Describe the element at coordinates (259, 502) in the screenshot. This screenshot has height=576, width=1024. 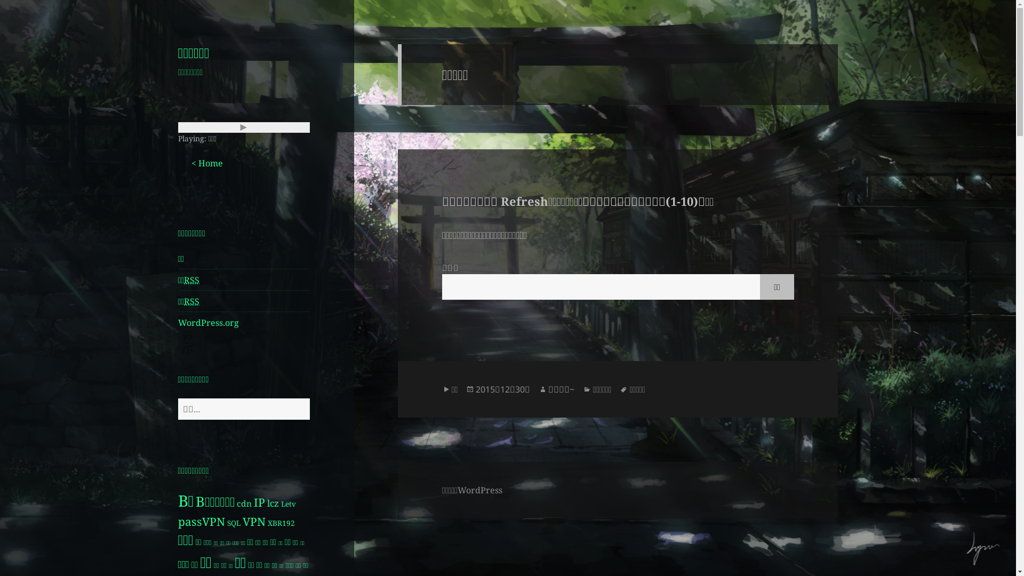
I see `'IP'` at that location.